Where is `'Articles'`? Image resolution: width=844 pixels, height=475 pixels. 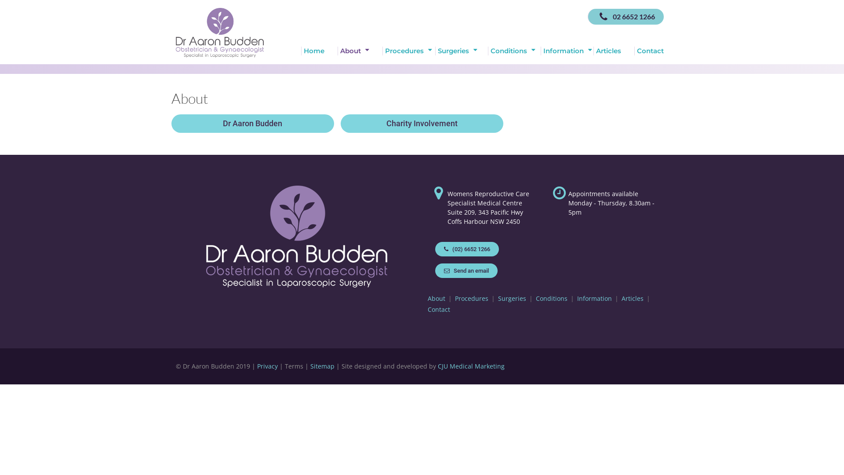 'Articles' is located at coordinates (613, 51).